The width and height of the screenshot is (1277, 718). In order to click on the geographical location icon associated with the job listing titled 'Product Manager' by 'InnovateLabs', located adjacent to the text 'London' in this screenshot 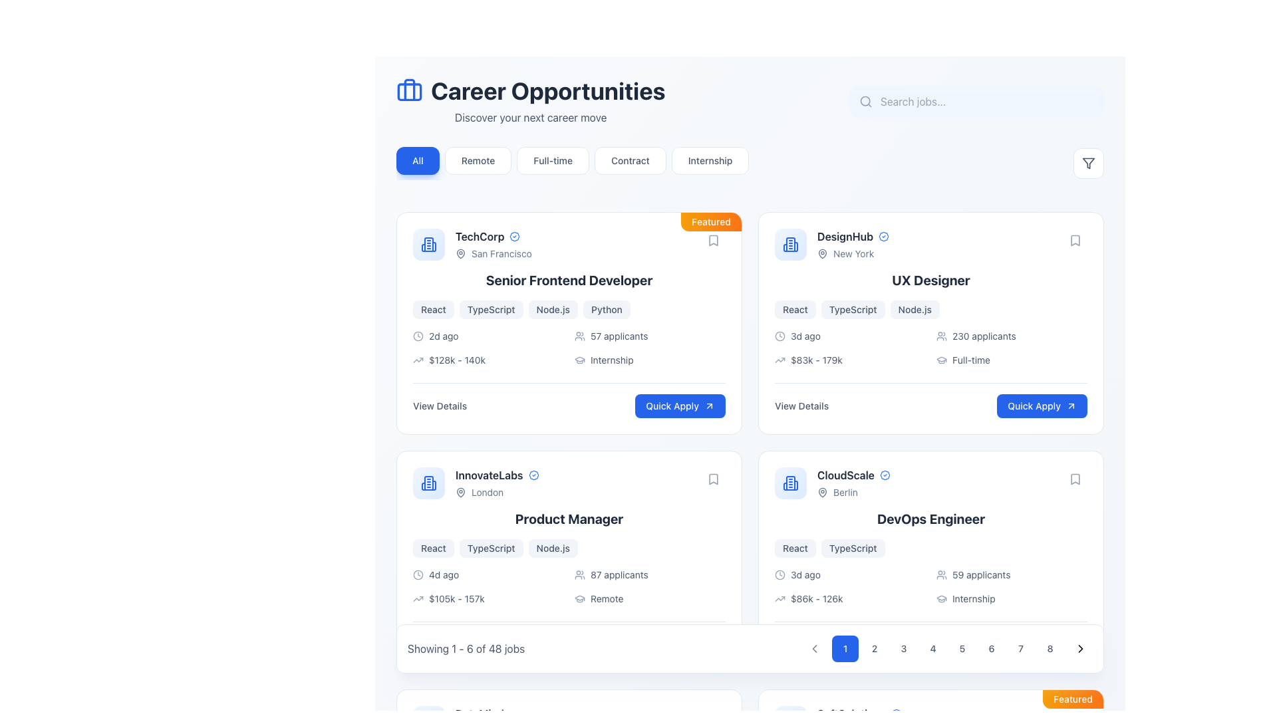, I will do `click(460, 492)`.